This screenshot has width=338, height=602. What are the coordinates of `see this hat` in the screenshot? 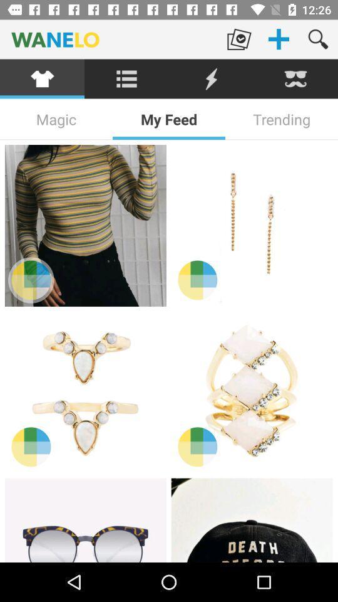 It's located at (252, 520).